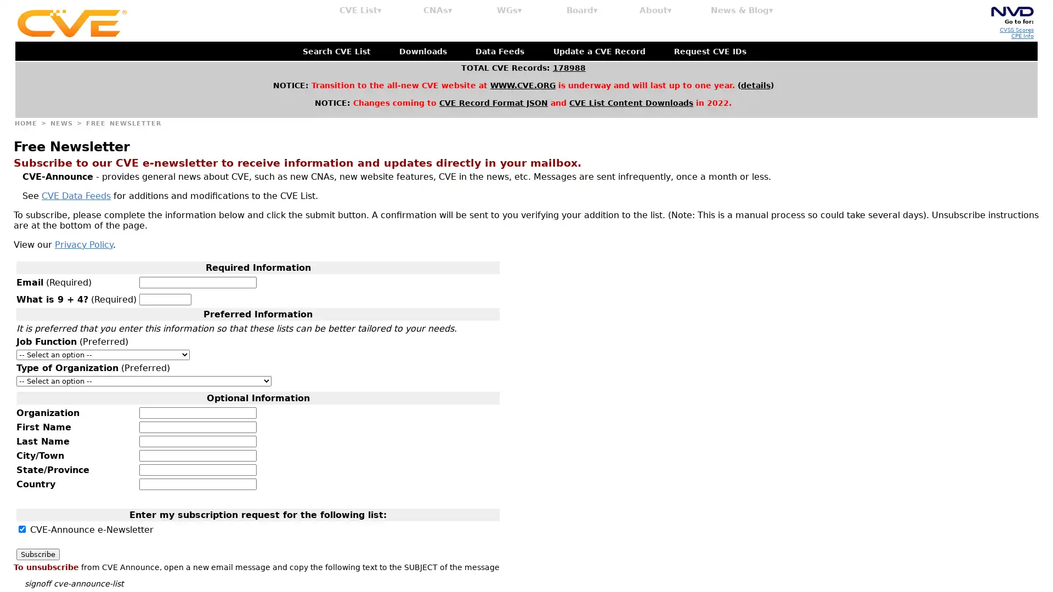 The height and width of the screenshot is (592, 1053). Describe the element at coordinates (509, 10) in the screenshot. I see `WGs` at that location.